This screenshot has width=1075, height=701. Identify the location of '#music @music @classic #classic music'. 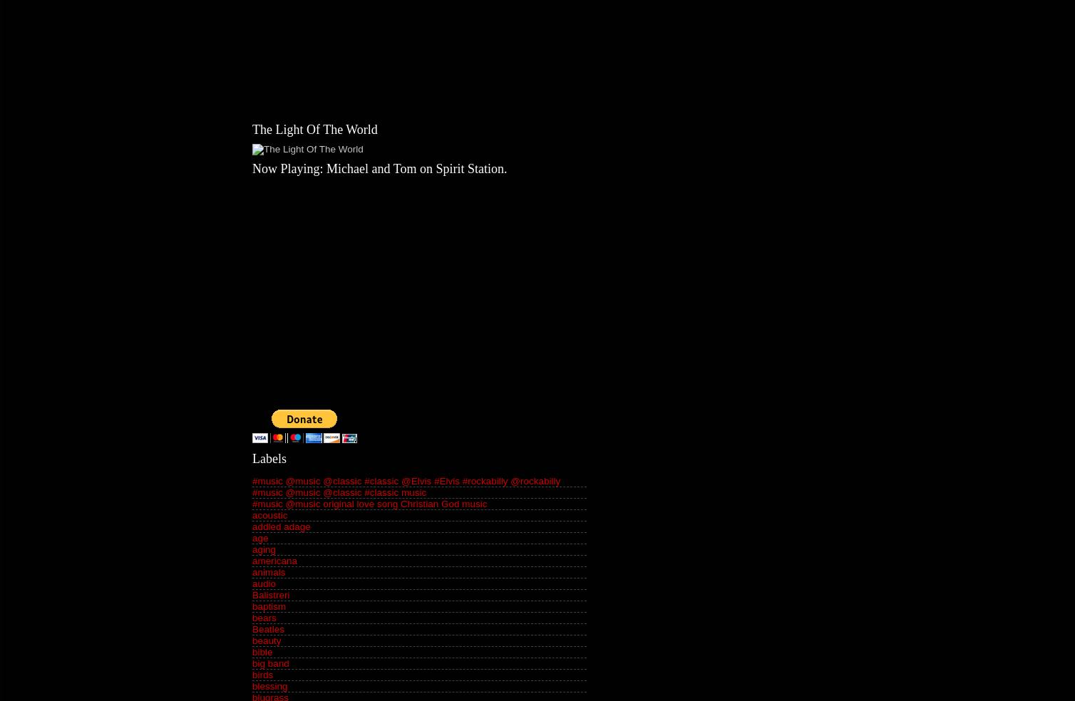
(339, 492).